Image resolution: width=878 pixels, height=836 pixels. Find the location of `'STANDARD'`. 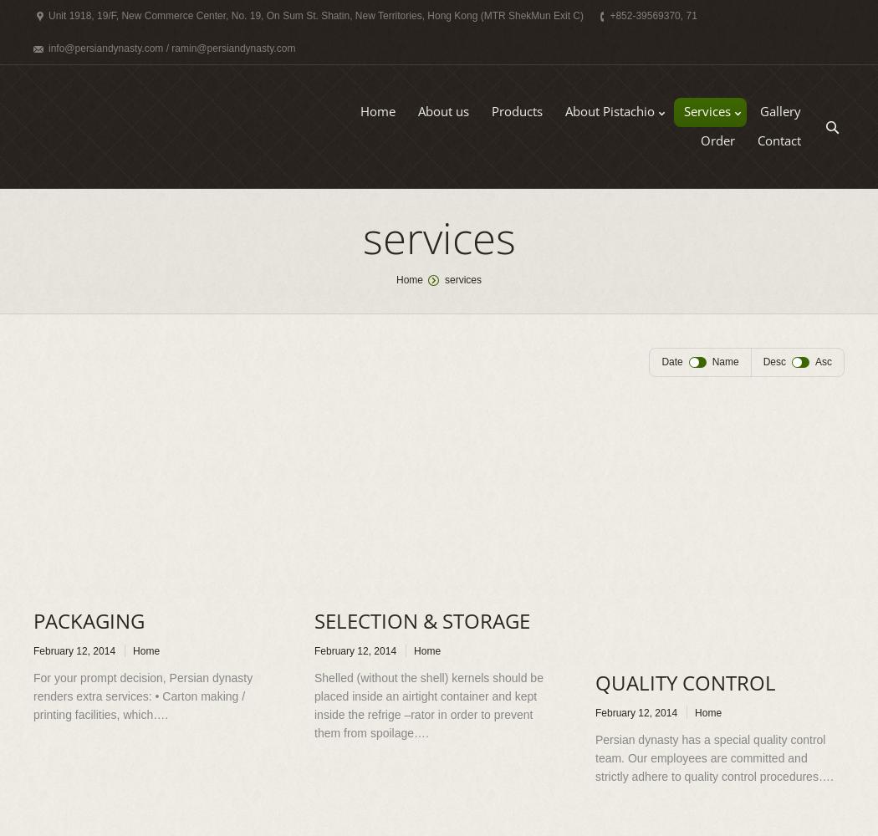

'STANDARD' is located at coordinates (600, 148).